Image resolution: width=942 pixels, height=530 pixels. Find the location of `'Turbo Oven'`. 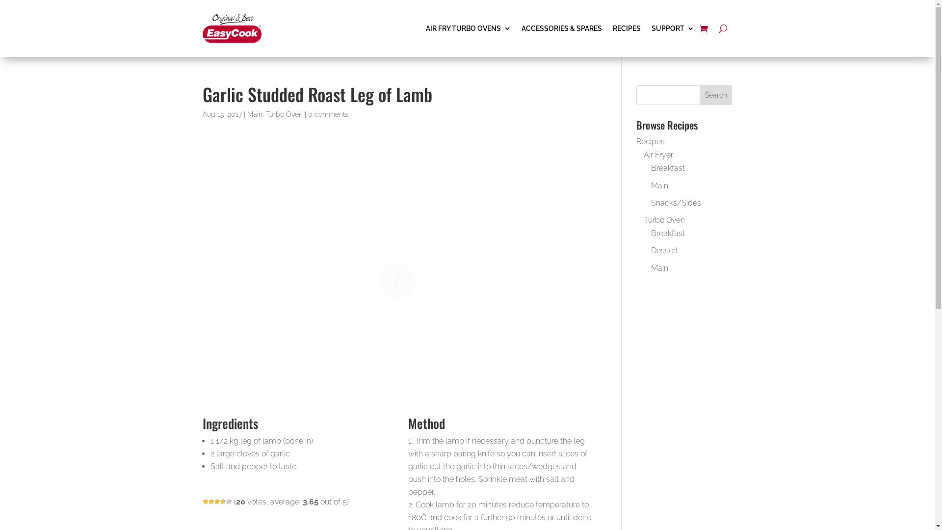

'Turbo Oven' is located at coordinates (284, 113).